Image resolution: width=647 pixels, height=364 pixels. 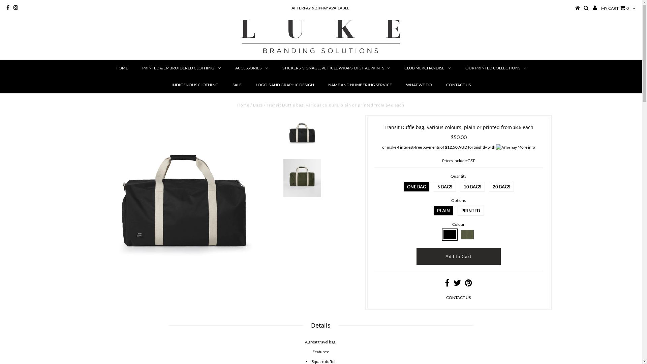 What do you see at coordinates (468, 284) in the screenshot?
I see `'Share on Pinterest'` at bounding box center [468, 284].